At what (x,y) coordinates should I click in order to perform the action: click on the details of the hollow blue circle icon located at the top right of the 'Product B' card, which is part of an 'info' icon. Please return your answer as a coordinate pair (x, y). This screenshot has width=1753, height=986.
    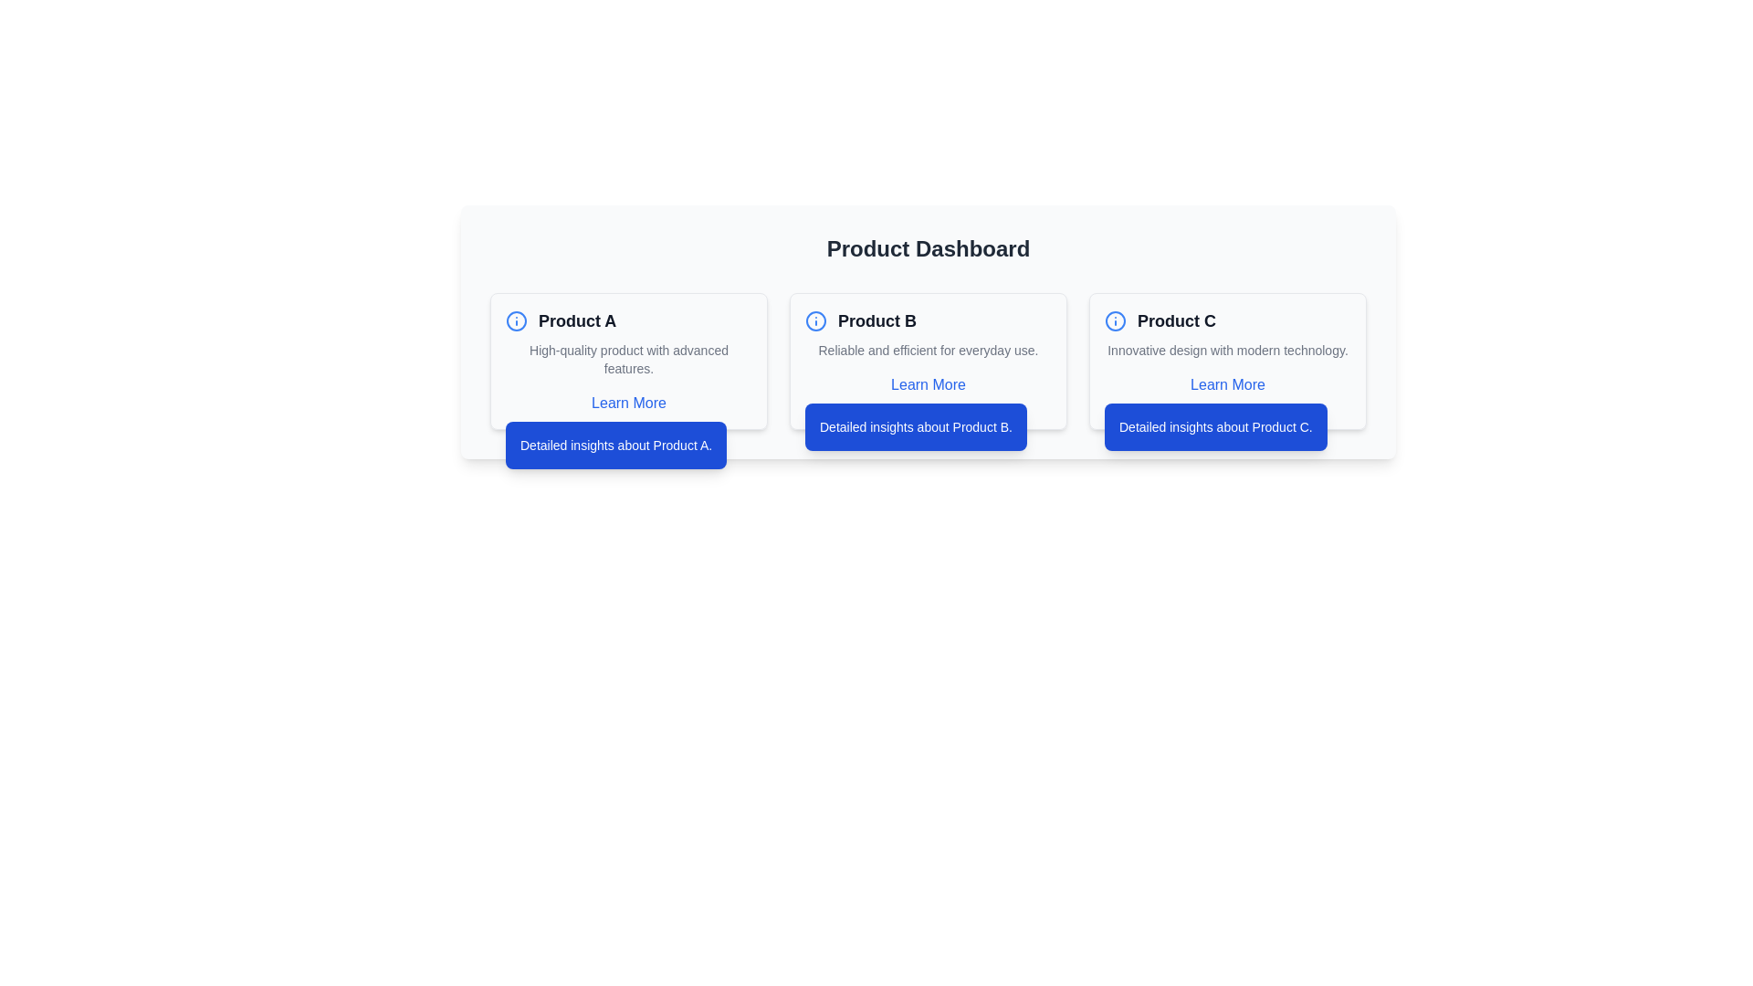
    Looking at the image, I should click on (516, 320).